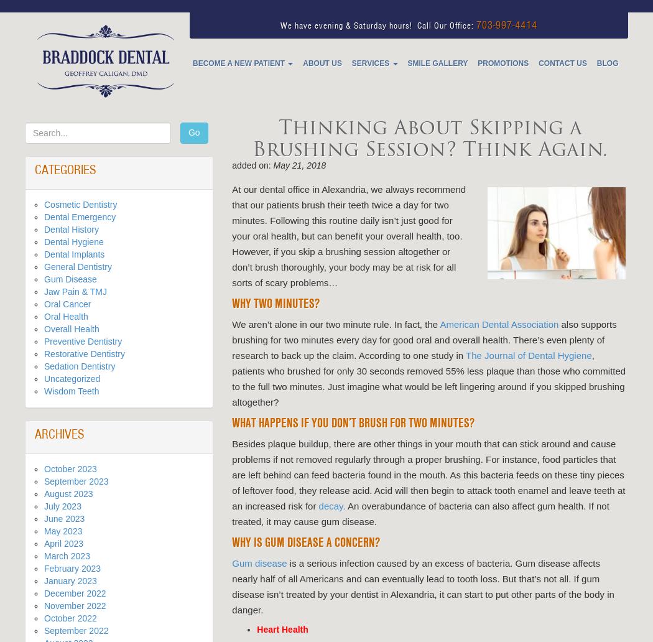 The height and width of the screenshot is (642, 653). What do you see at coordinates (70, 279) in the screenshot?
I see `'Gum Disease'` at bounding box center [70, 279].